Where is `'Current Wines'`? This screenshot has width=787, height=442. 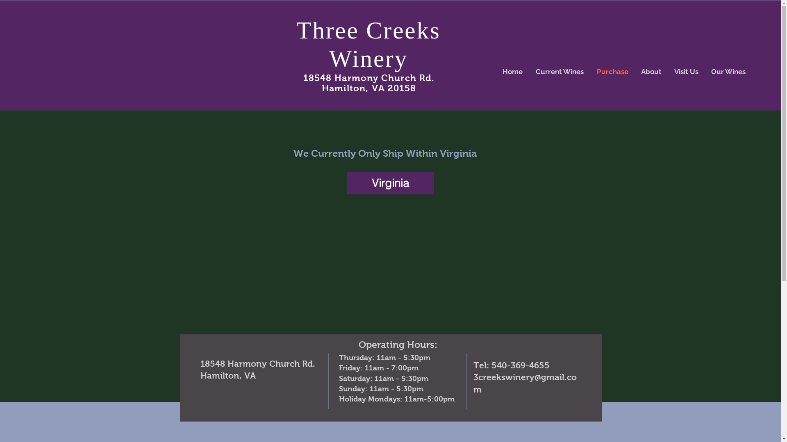
'Current Wines' is located at coordinates (559, 71).